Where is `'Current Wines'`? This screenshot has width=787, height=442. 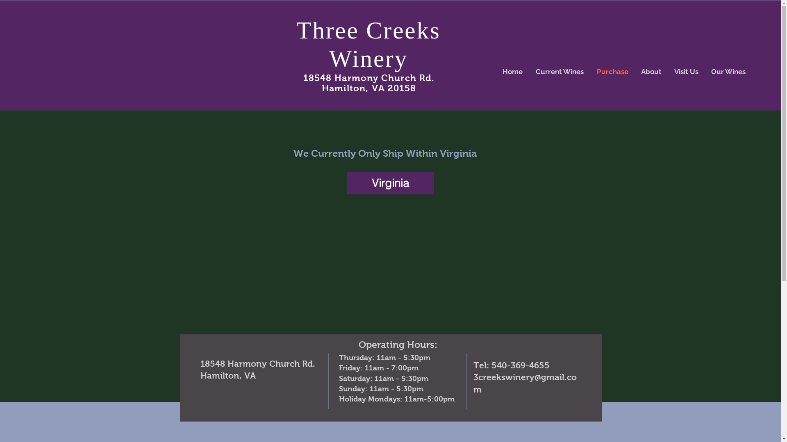
'Current Wines' is located at coordinates (559, 71).